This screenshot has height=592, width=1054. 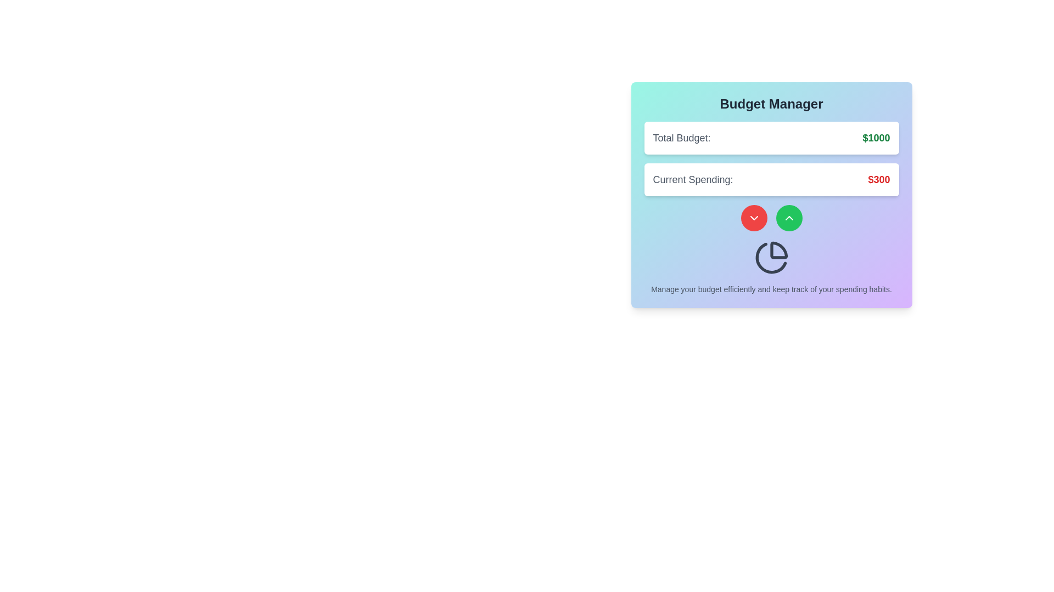 I want to click on the Information display card that shows the current spending amount, located under the 'Total Budget' card in the 'Budget Manager' component, so click(x=771, y=179).